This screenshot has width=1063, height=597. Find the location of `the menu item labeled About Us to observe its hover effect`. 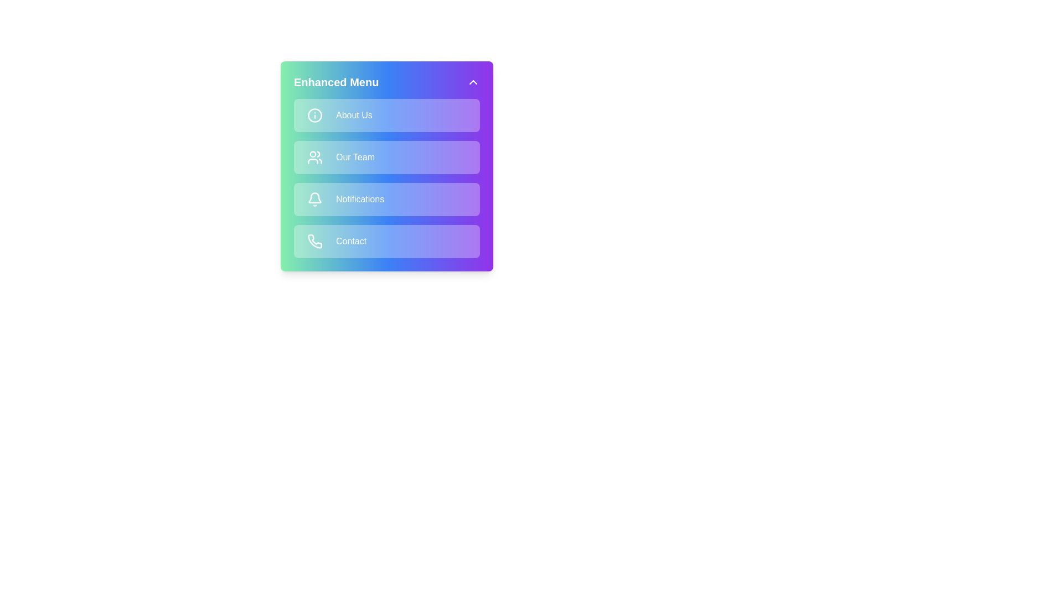

the menu item labeled About Us to observe its hover effect is located at coordinates (387, 115).